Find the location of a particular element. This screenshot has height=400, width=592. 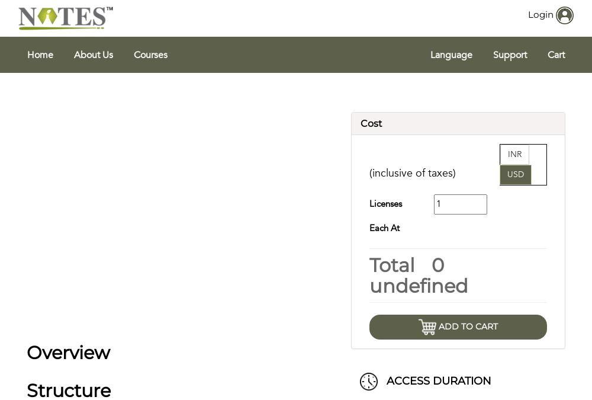

'Each At' is located at coordinates (384, 228).